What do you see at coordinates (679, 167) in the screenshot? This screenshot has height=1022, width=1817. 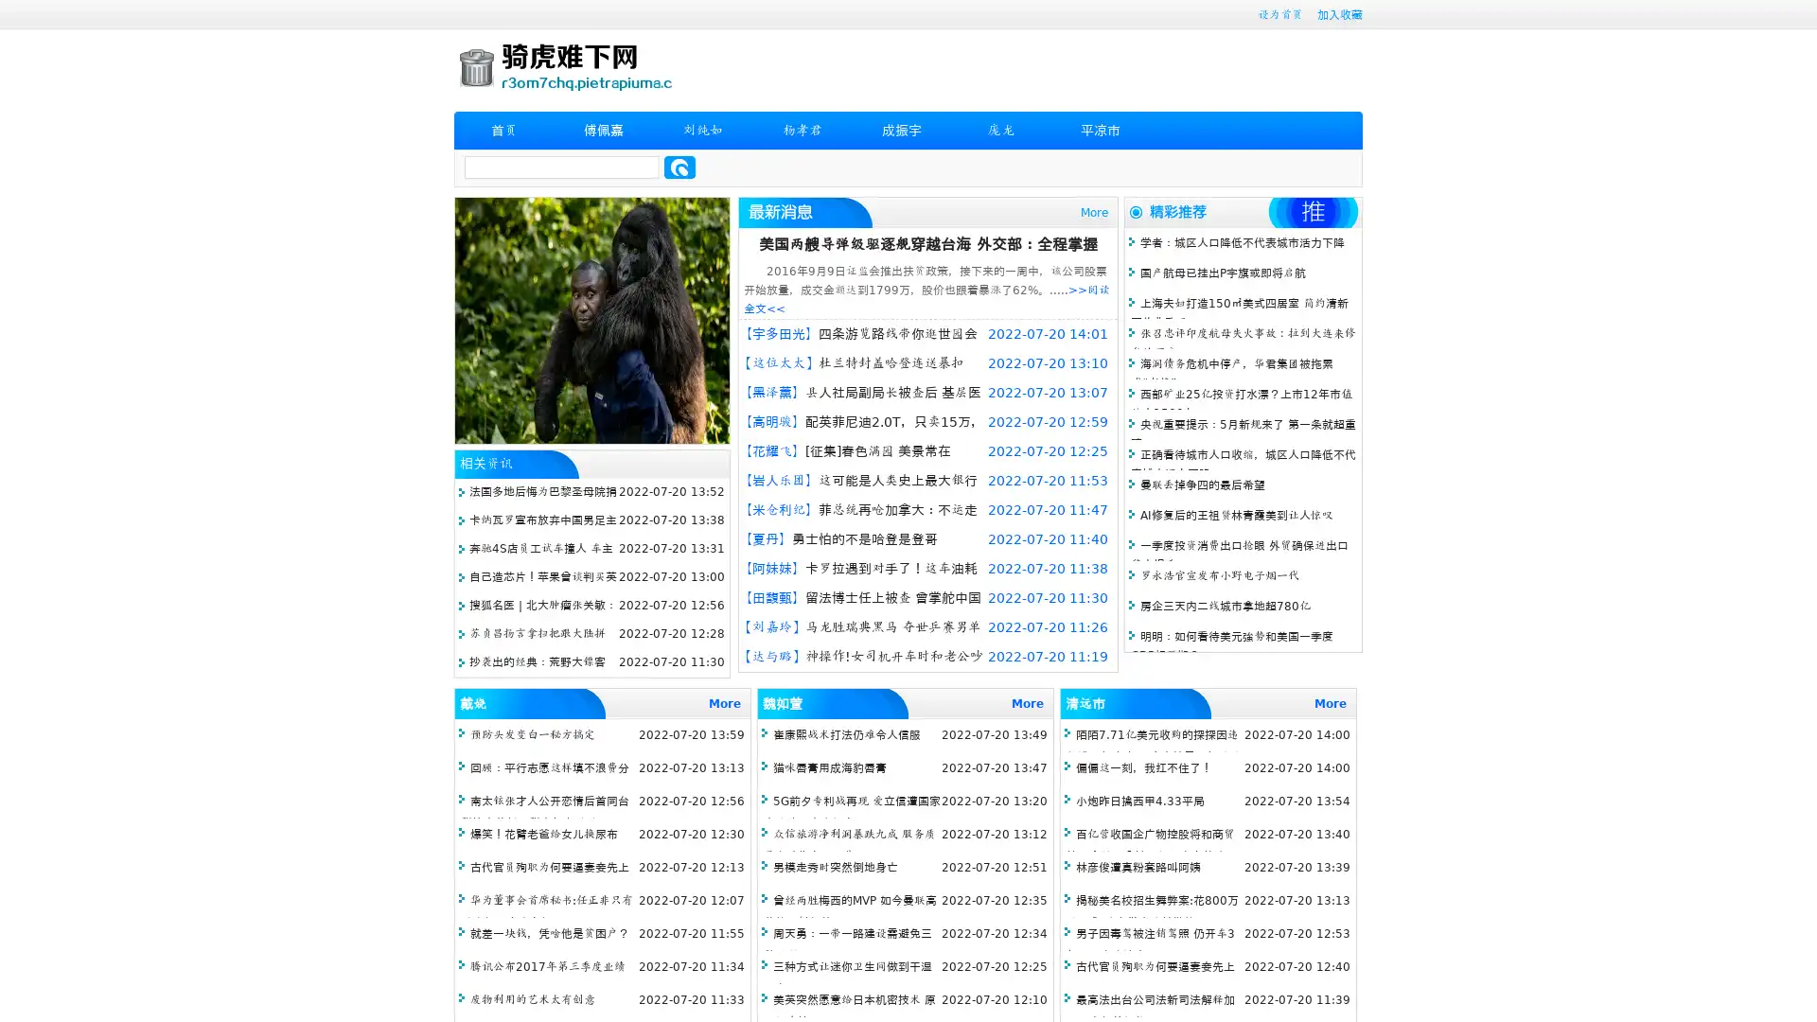 I see `Search` at bounding box center [679, 167].